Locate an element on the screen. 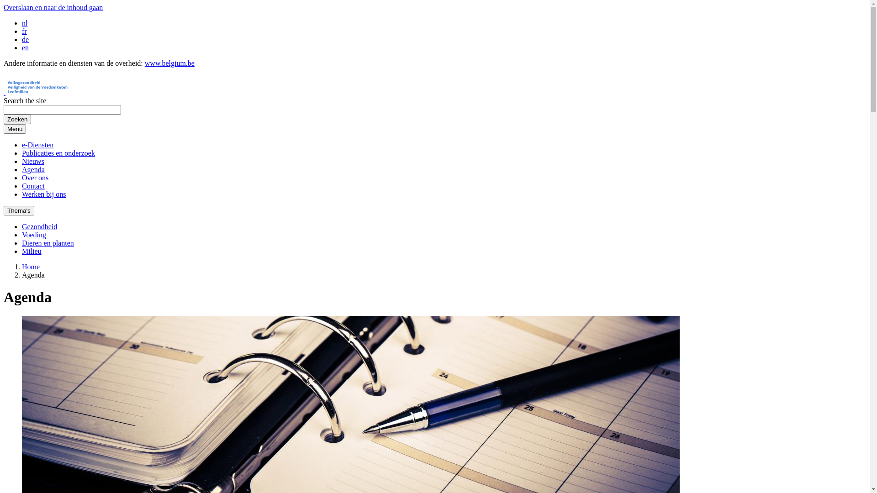 This screenshot has height=493, width=877. 'Milieu' is located at coordinates (32, 251).